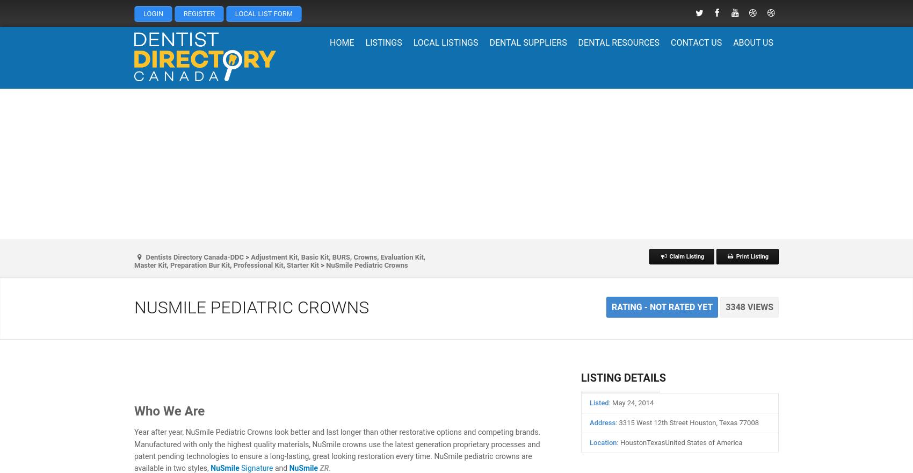 The image size is (913, 473). I want to click on 'Crowns', so click(365, 257).